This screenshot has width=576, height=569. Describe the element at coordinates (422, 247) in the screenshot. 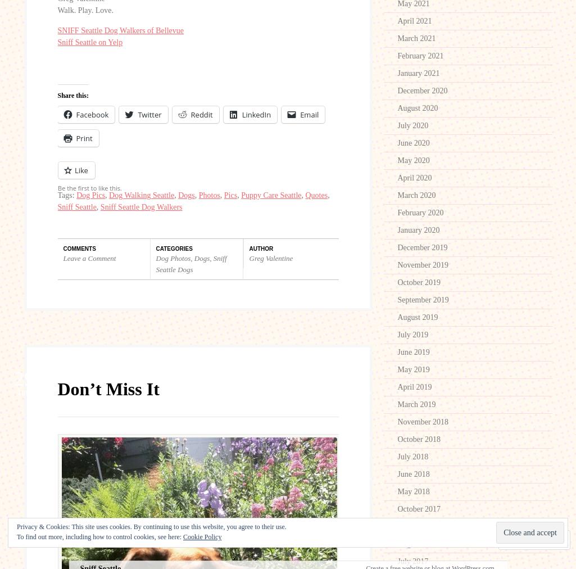

I see `'December 2019'` at that location.